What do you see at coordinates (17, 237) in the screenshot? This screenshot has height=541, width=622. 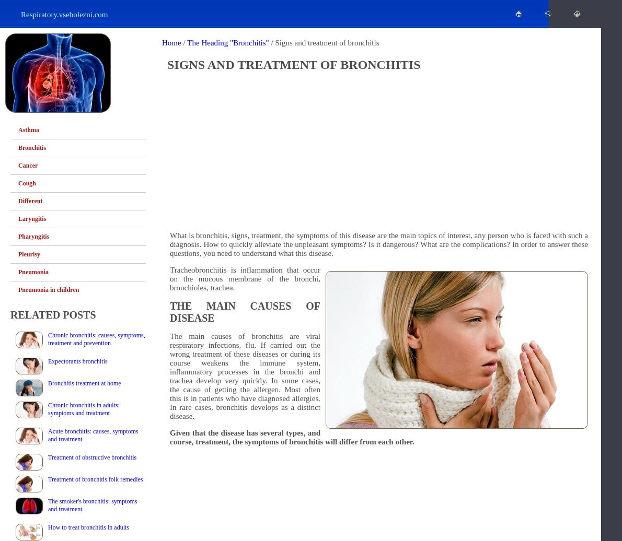 I see `'Pharyngitis'` at bounding box center [17, 237].